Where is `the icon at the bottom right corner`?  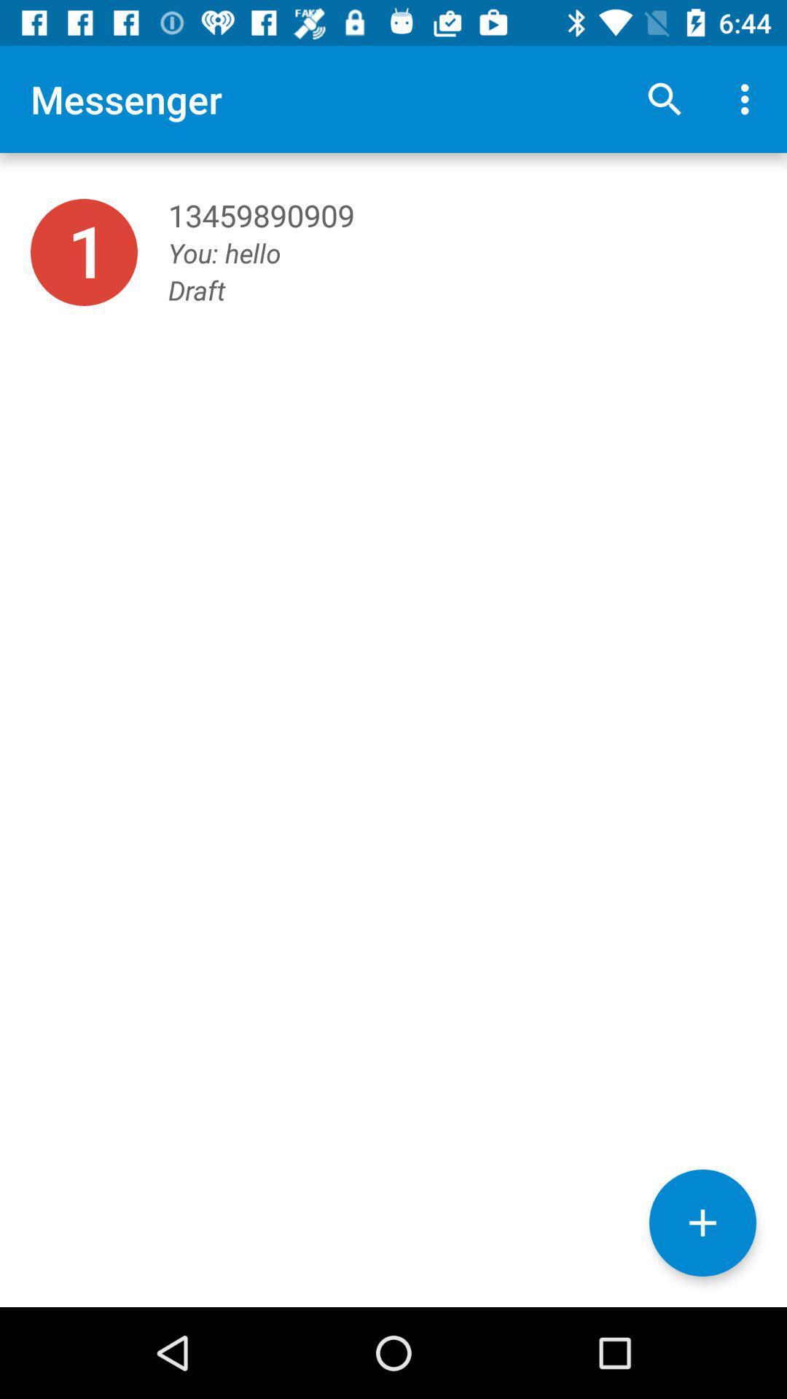
the icon at the bottom right corner is located at coordinates (702, 1223).